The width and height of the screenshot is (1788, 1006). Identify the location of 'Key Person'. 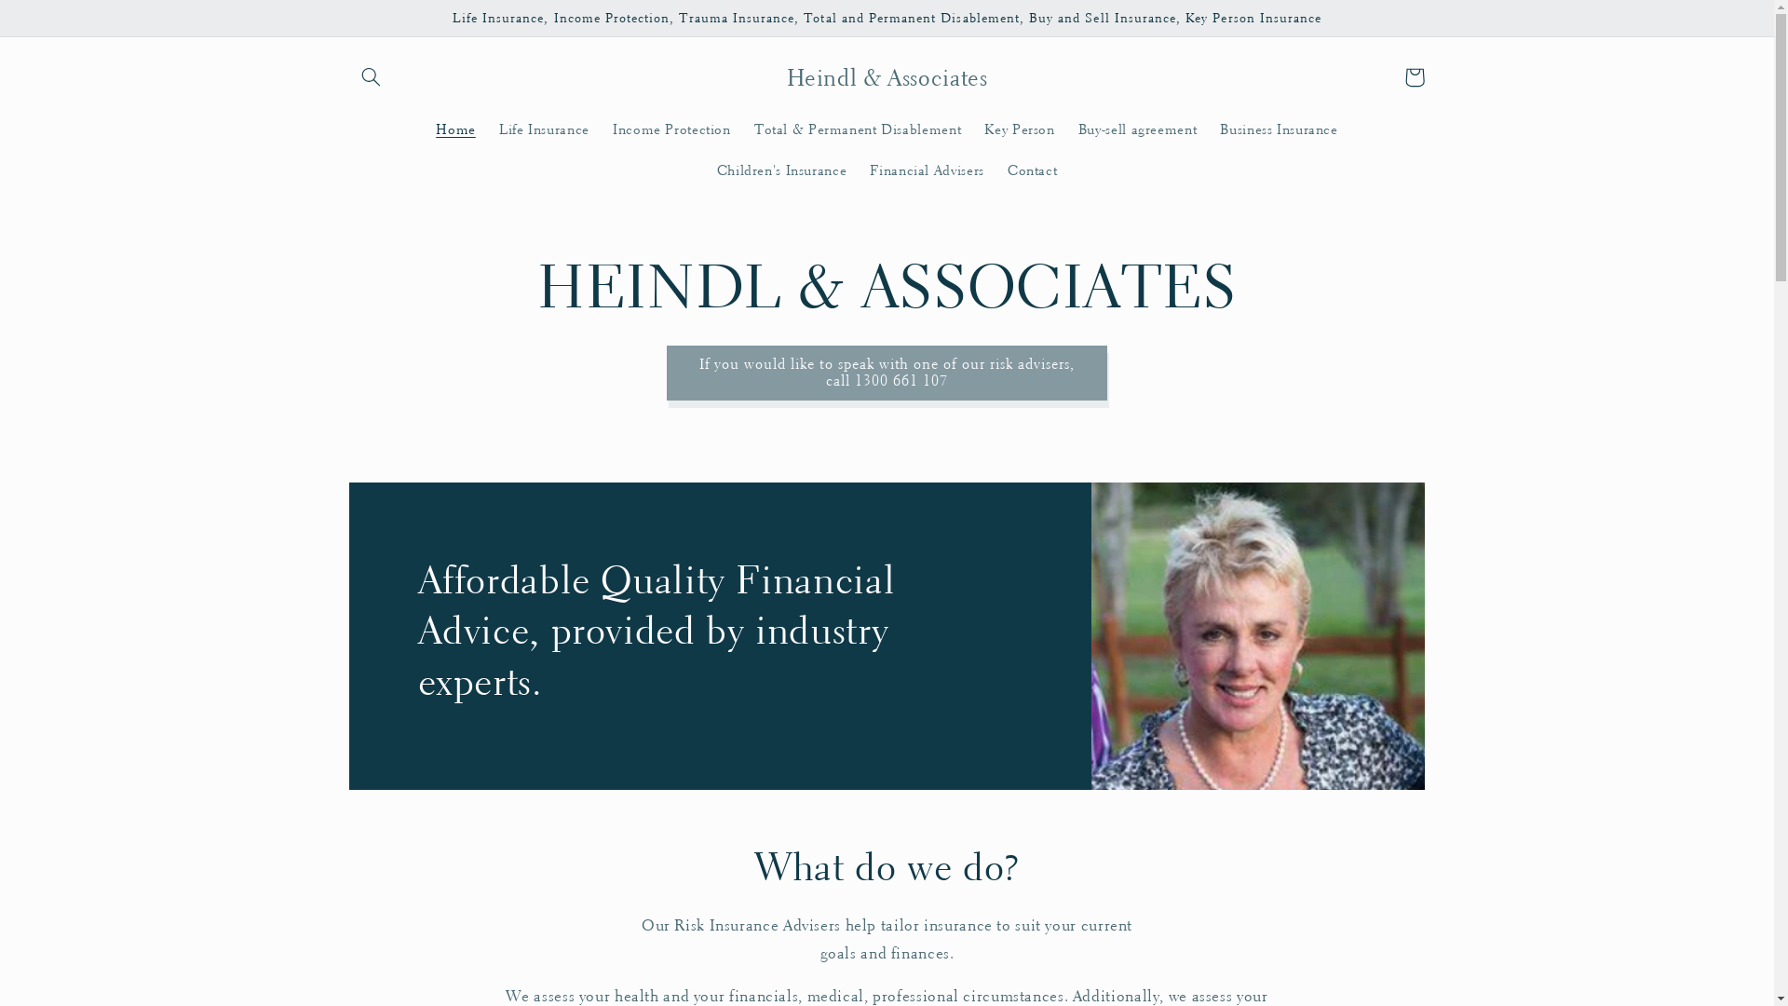
(972, 128).